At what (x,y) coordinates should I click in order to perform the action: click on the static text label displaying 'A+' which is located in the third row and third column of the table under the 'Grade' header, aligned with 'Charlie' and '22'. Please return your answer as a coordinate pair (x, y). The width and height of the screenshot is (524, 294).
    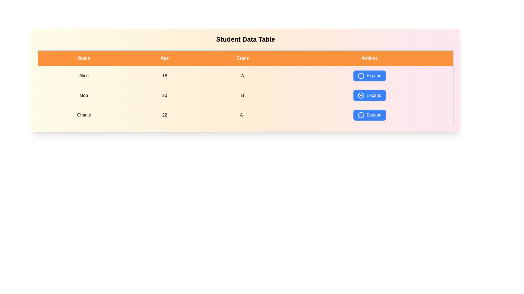
    Looking at the image, I should click on (242, 115).